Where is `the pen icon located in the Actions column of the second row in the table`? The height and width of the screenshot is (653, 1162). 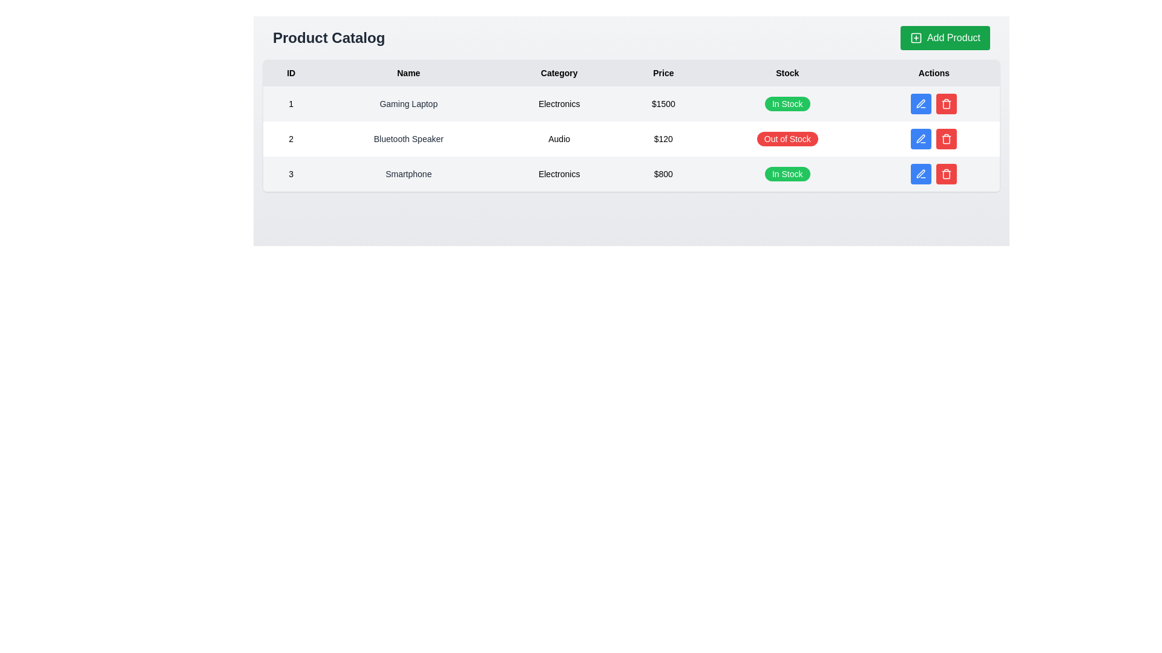 the pen icon located in the Actions column of the second row in the table is located at coordinates (920, 102).